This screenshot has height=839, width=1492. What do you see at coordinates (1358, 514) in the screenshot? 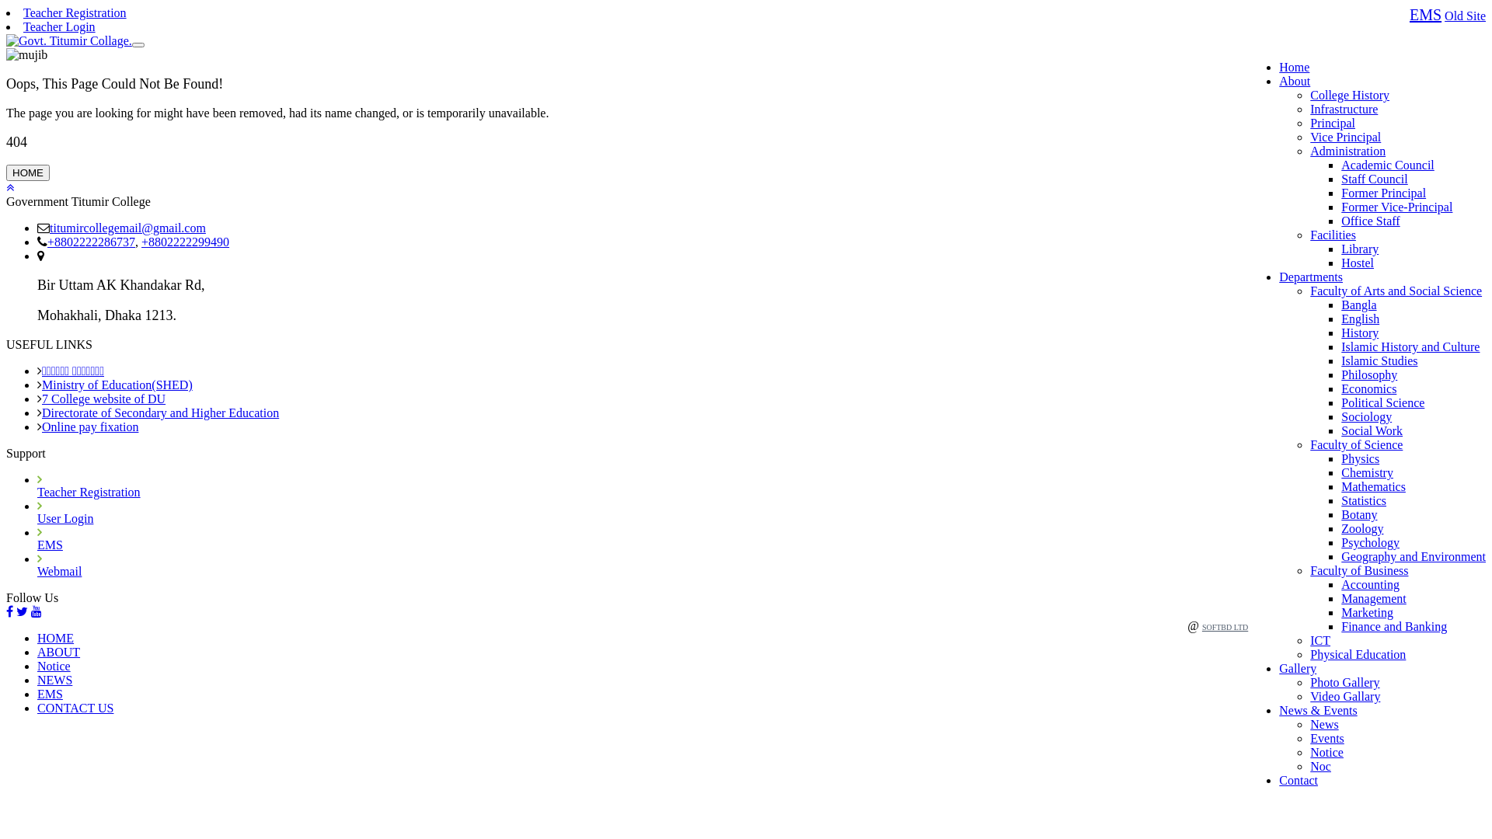
I see `'Botany'` at bounding box center [1358, 514].